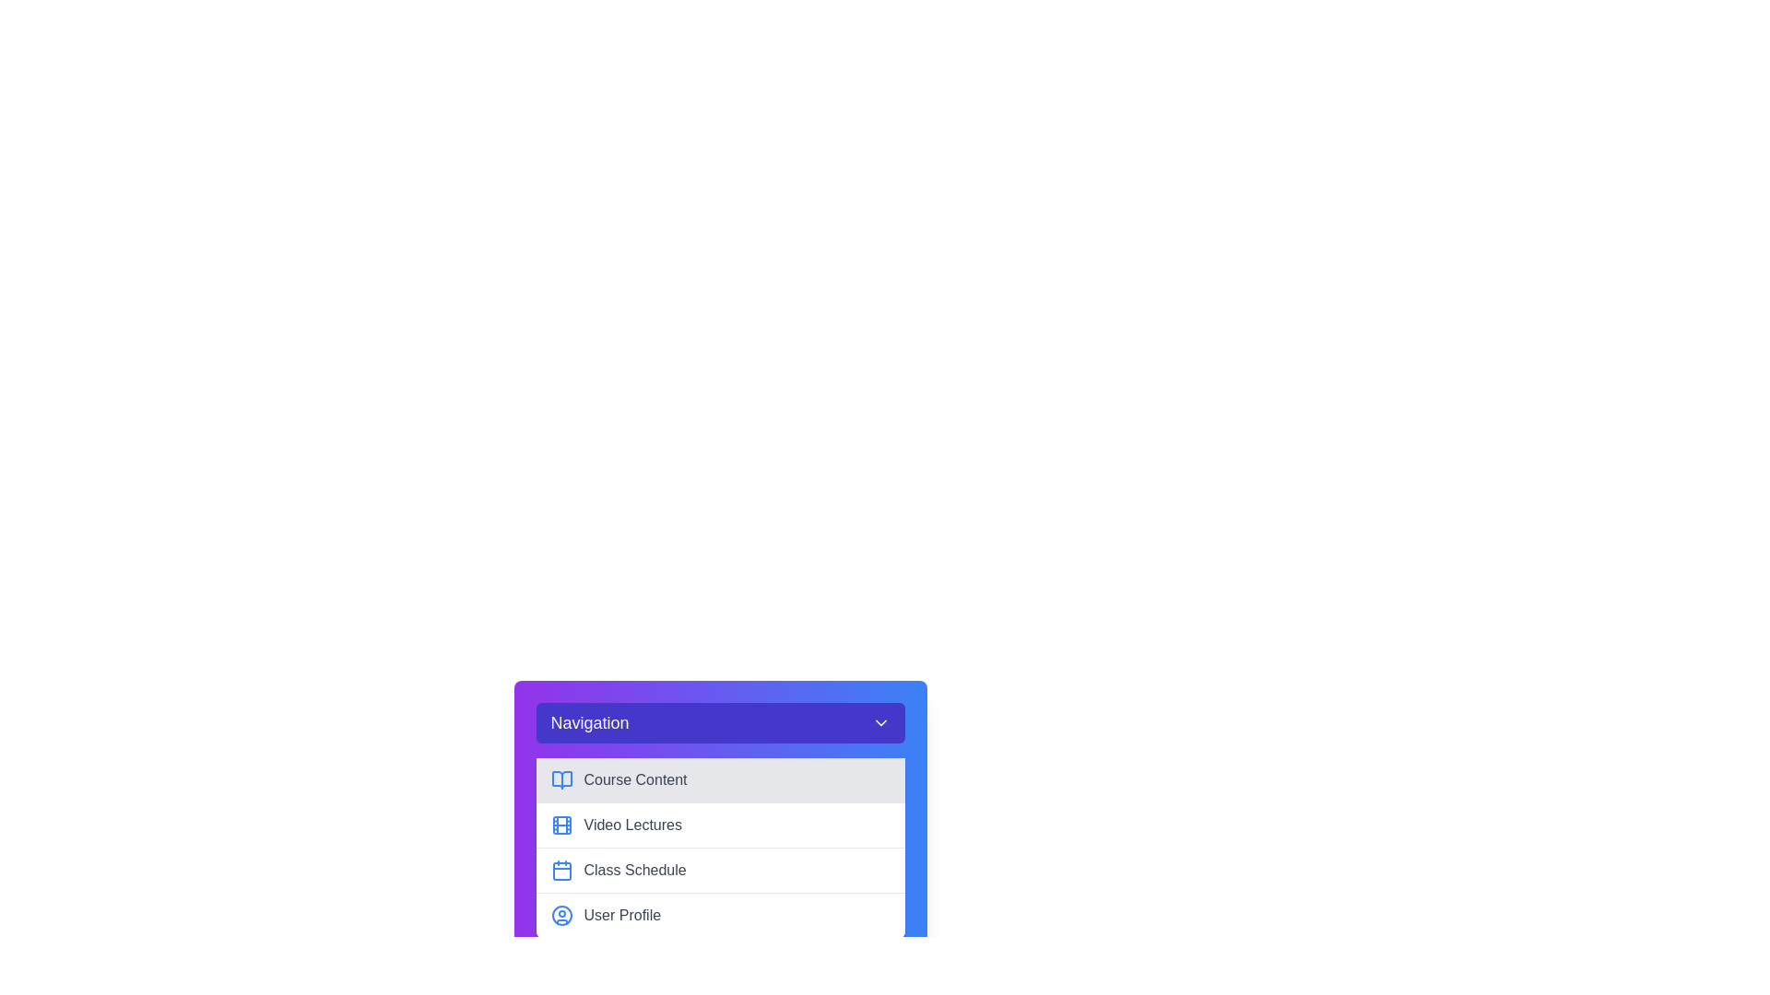 This screenshot has width=1770, height=995. What do you see at coordinates (622, 916) in the screenshot?
I see `the 'User Profile' text label located at the bottom of the vertical menu, positioned to the right of the blue user icon` at bounding box center [622, 916].